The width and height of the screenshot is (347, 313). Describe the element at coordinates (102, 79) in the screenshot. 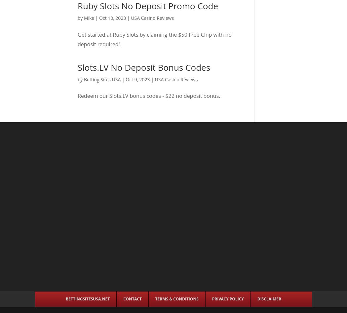

I see `'Betting Sites USA'` at that location.